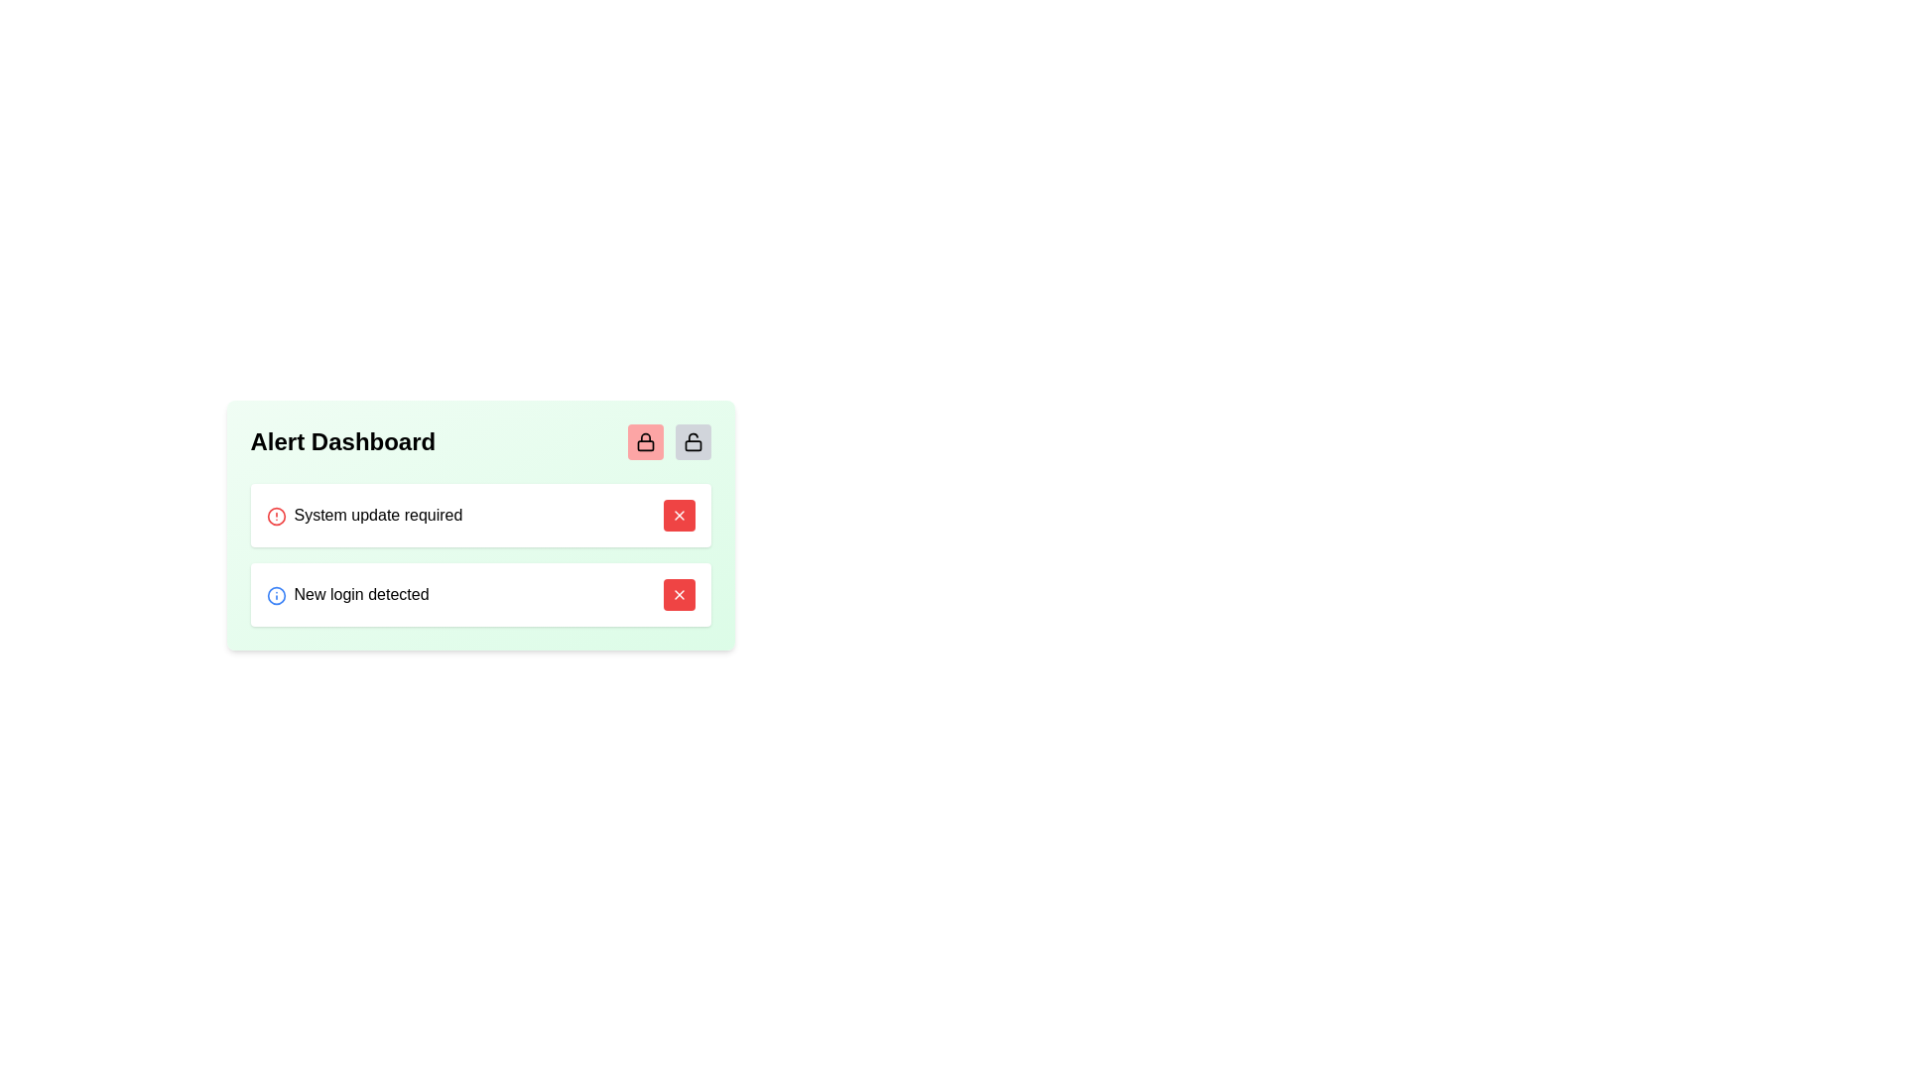 This screenshot has height=1071, width=1905. What do you see at coordinates (645, 441) in the screenshot?
I see `the first button on the left, which functions as a lock or security toggle` at bounding box center [645, 441].